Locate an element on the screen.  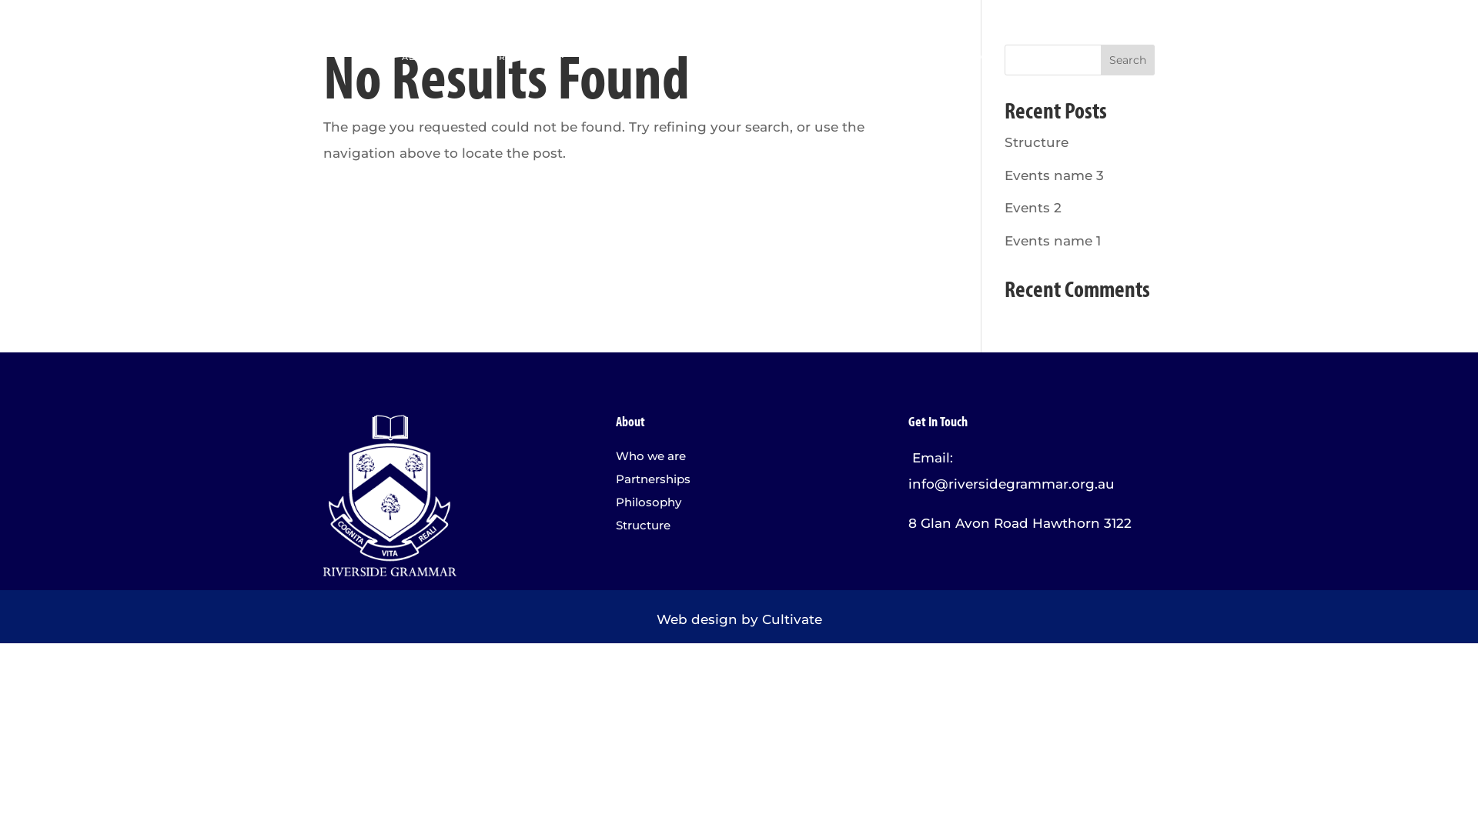
'Web design by Cultivate' is located at coordinates (737, 619).